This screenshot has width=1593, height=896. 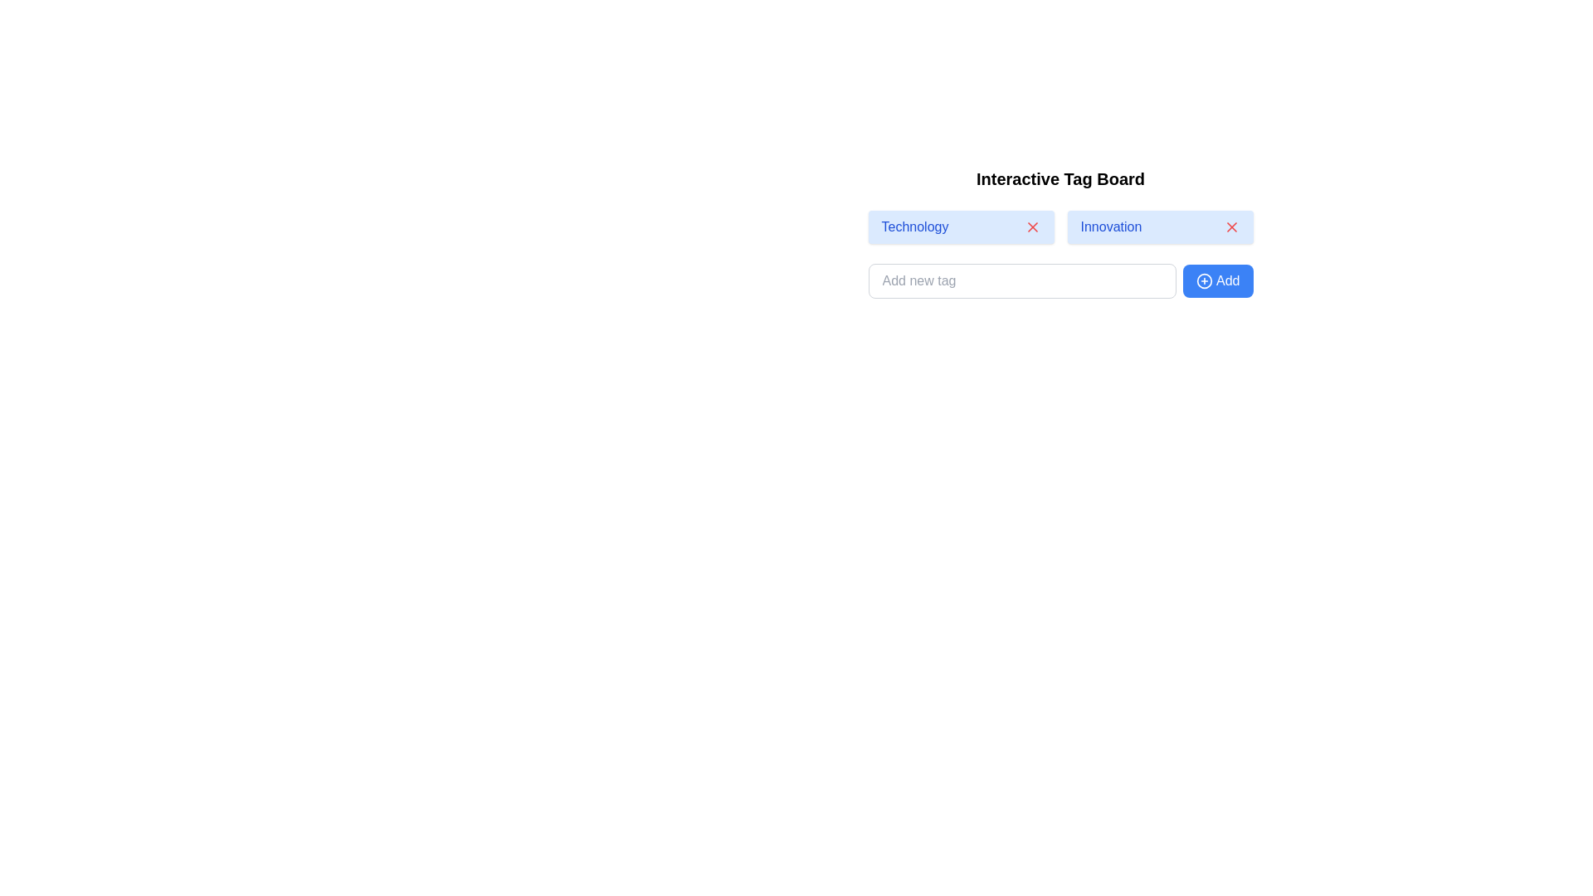 I want to click on the blue button located in the bottom-right section of the 'Interactive Tag Board' interface that contains the text label for the 'Add' action, so click(x=1228, y=280).